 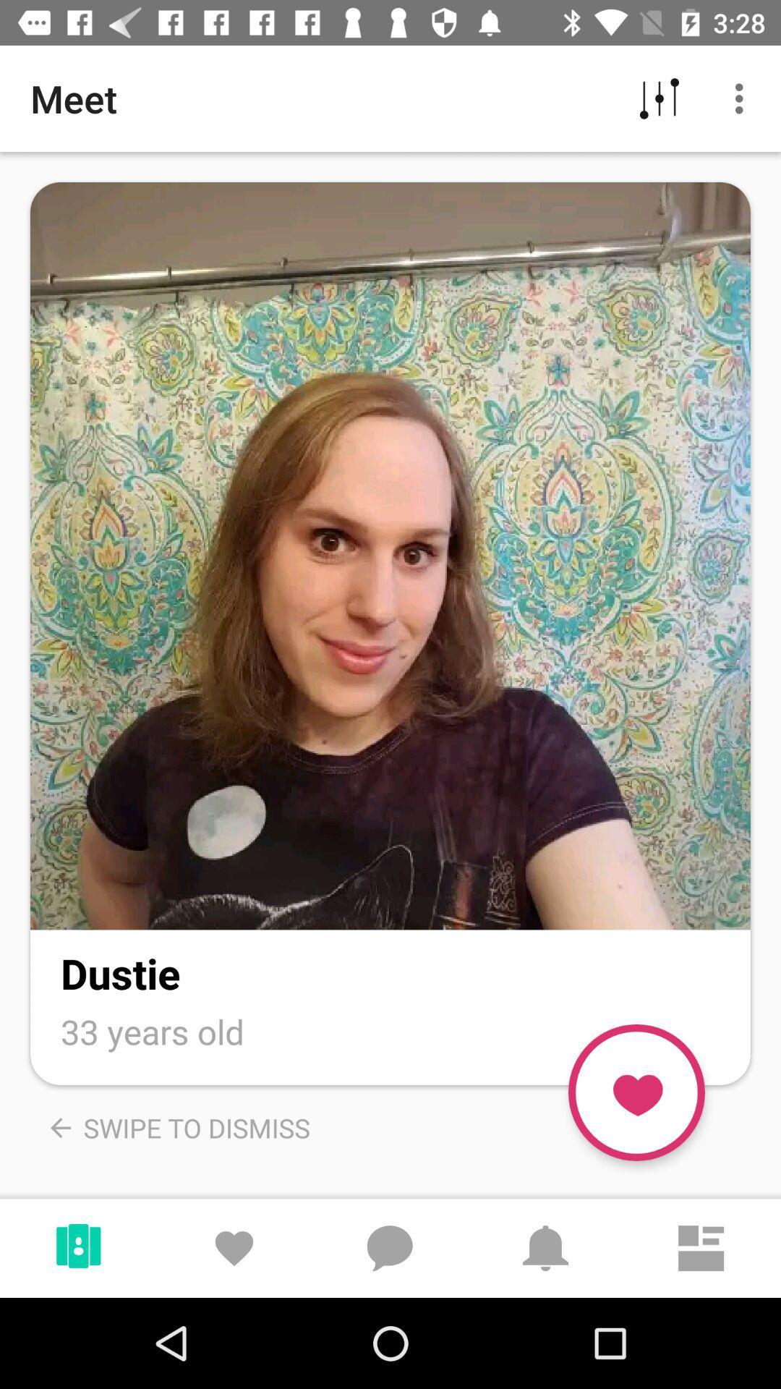 What do you see at coordinates (153, 1031) in the screenshot?
I see `the 33 years old` at bounding box center [153, 1031].